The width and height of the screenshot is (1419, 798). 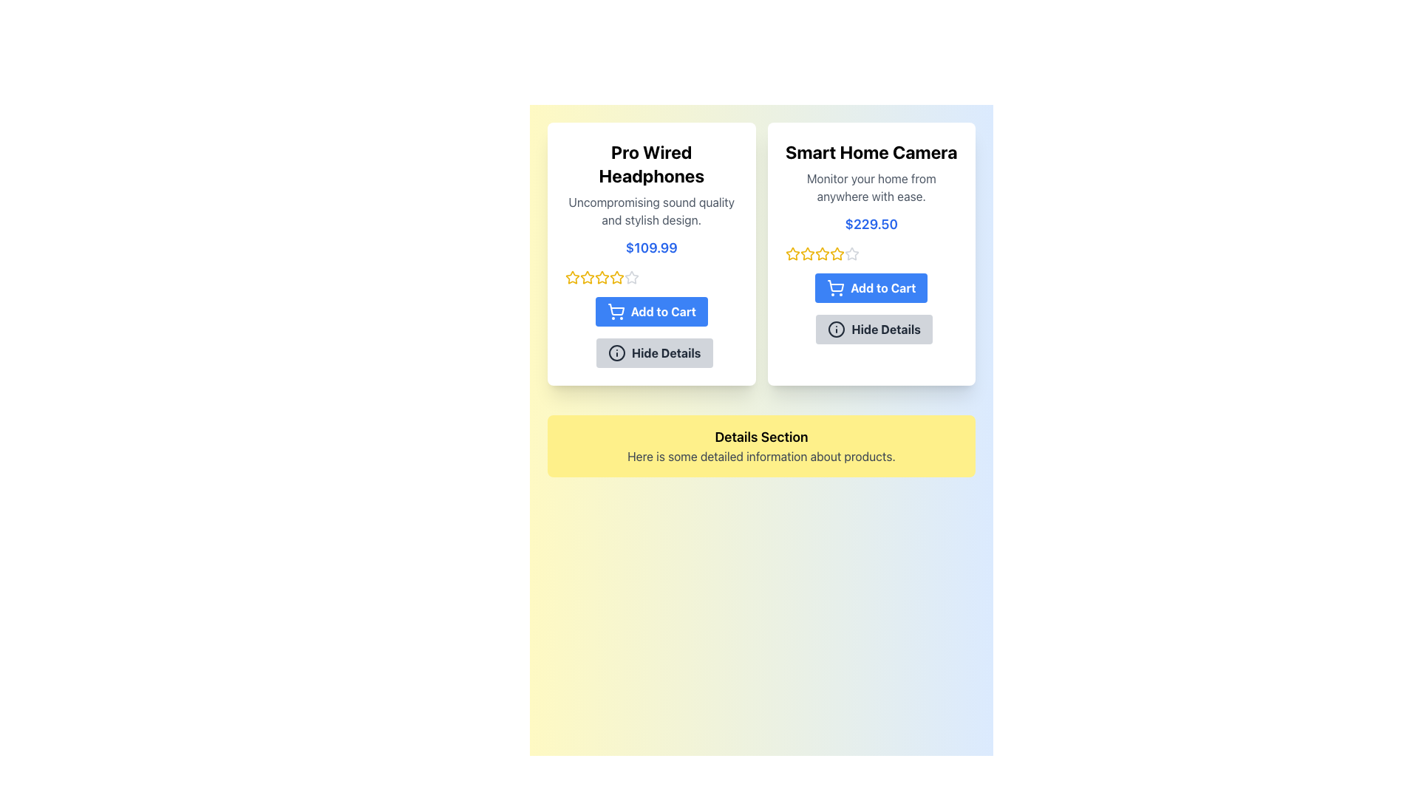 What do you see at coordinates (587, 277) in the screenshot?
I see `the third star icon in the rating system for 'Pro Wired Headphones', which is styled with a yellow outline and has a stroke-width of 2` at bounding box center [587, 277].